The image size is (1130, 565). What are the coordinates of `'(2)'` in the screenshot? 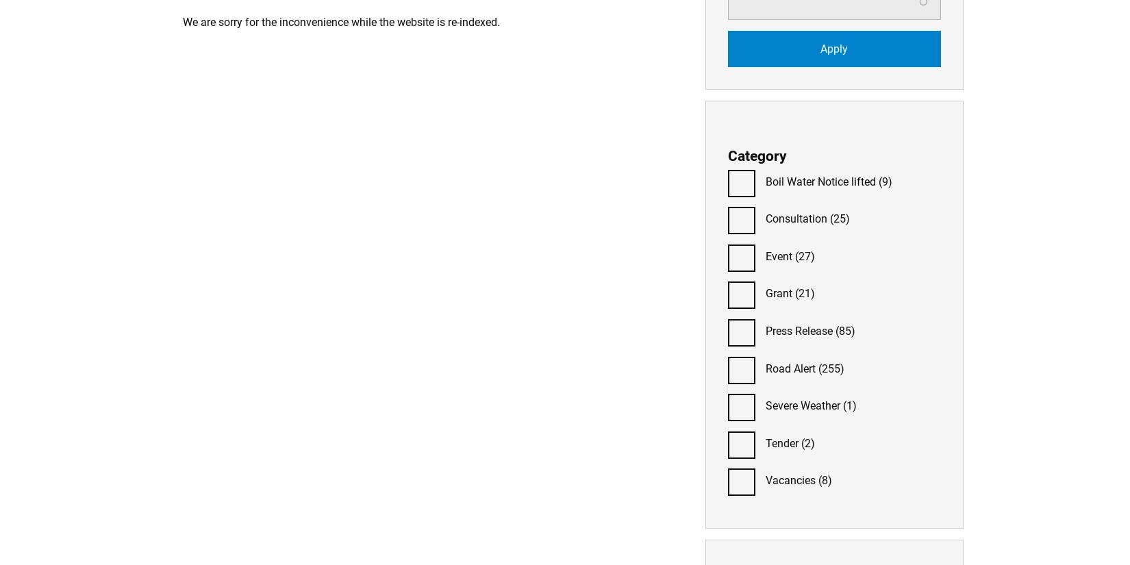 It's located at (807, 442).